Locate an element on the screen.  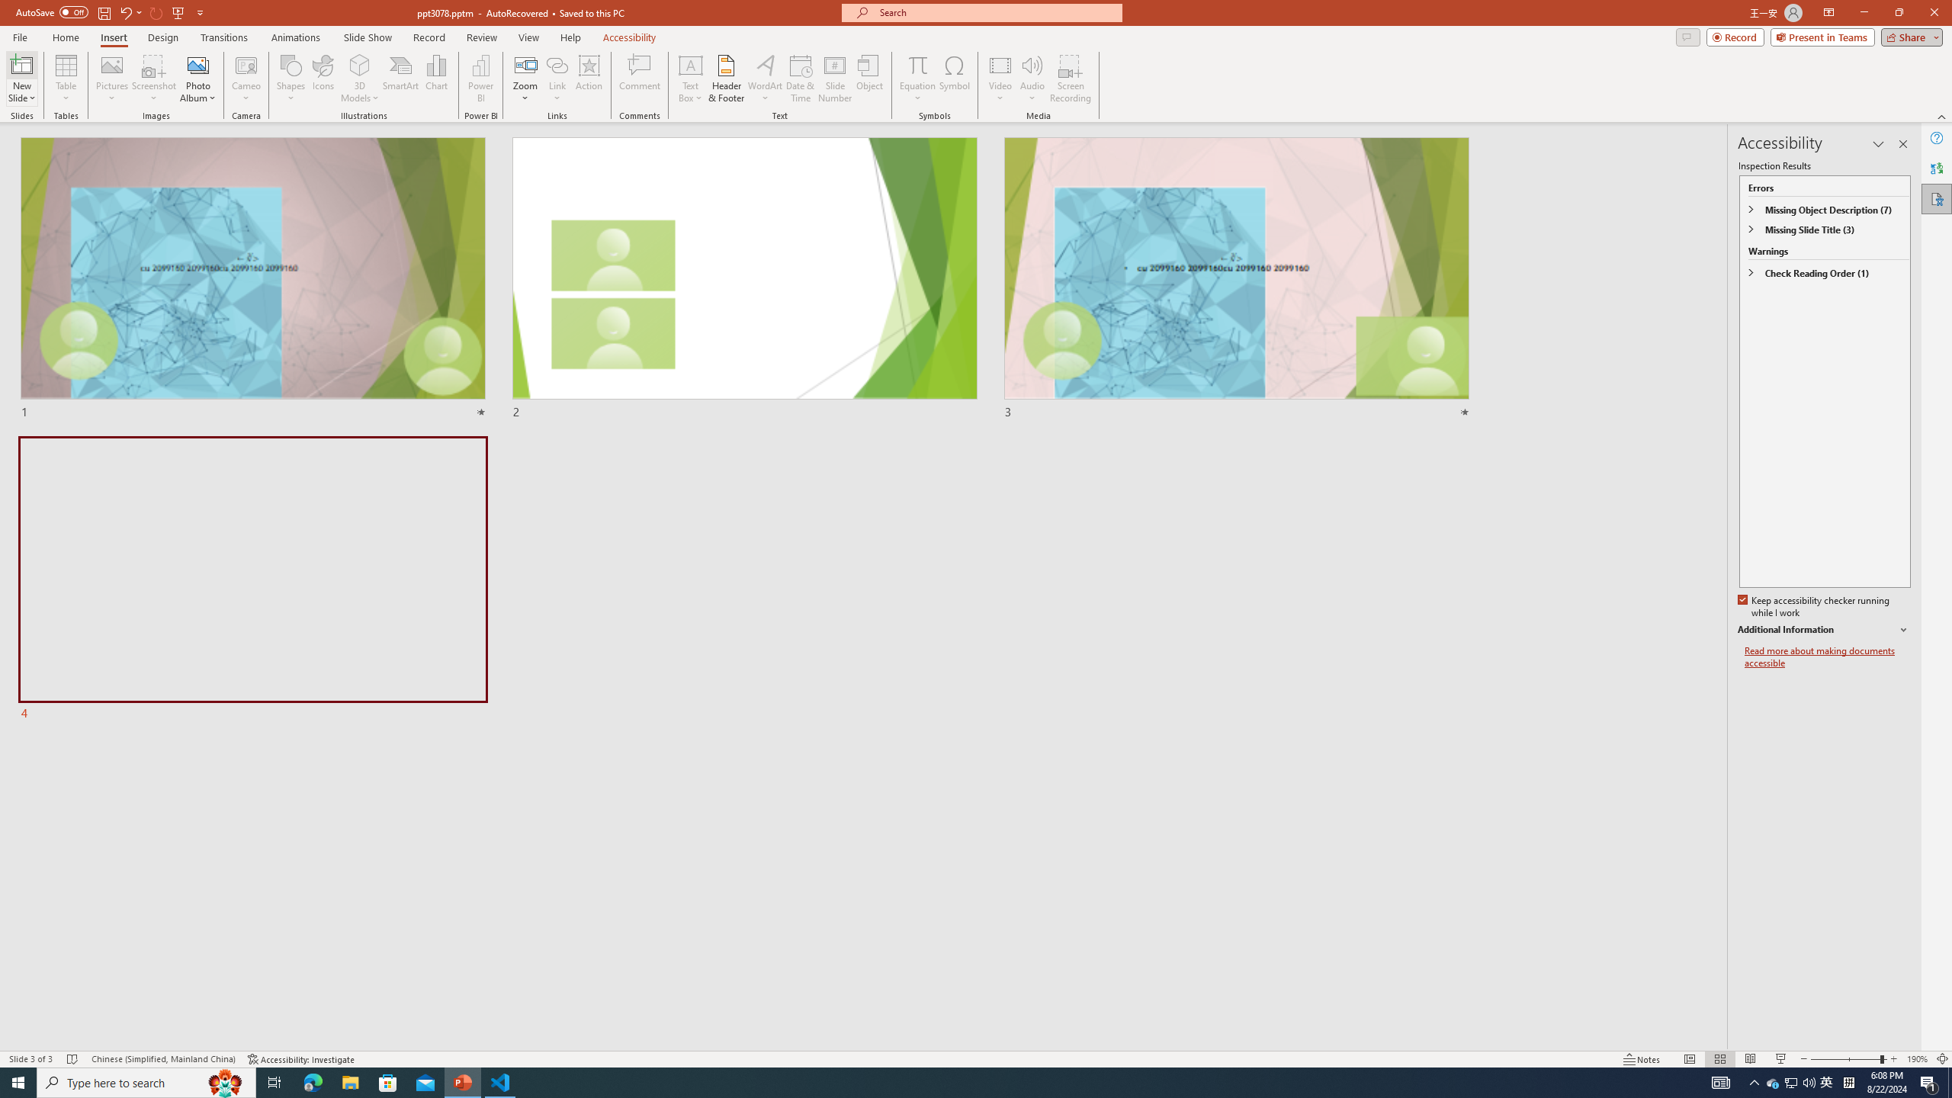
'New Photo Album...' is located at coordinates (197, 64).